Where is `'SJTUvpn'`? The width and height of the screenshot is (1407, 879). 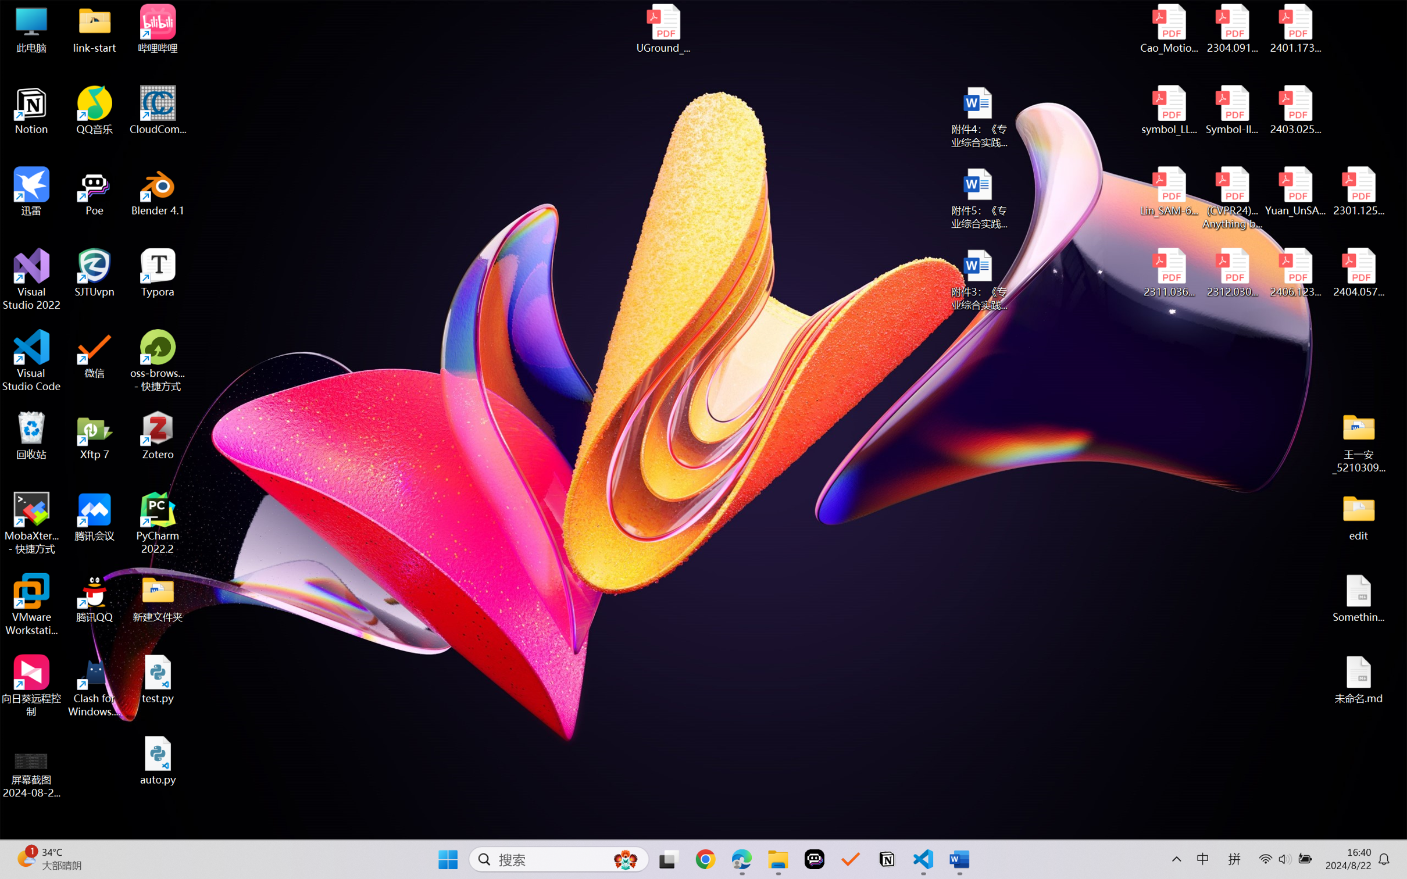 'SJTUvpn' is located at coordinates (95, 273).